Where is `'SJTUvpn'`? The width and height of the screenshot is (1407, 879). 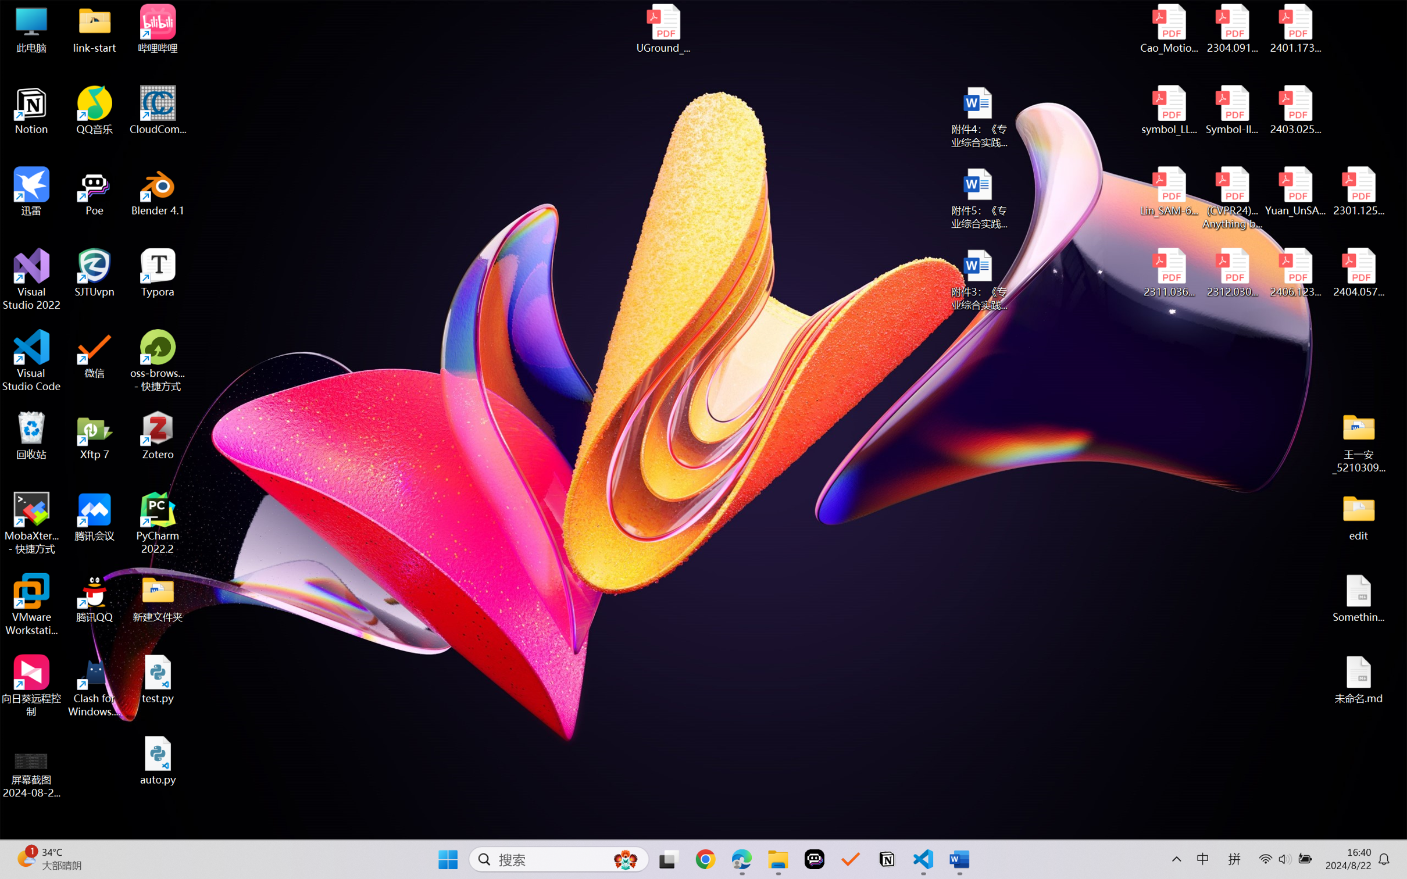 'SJTUvpn' is located at coordinates (95, 273).